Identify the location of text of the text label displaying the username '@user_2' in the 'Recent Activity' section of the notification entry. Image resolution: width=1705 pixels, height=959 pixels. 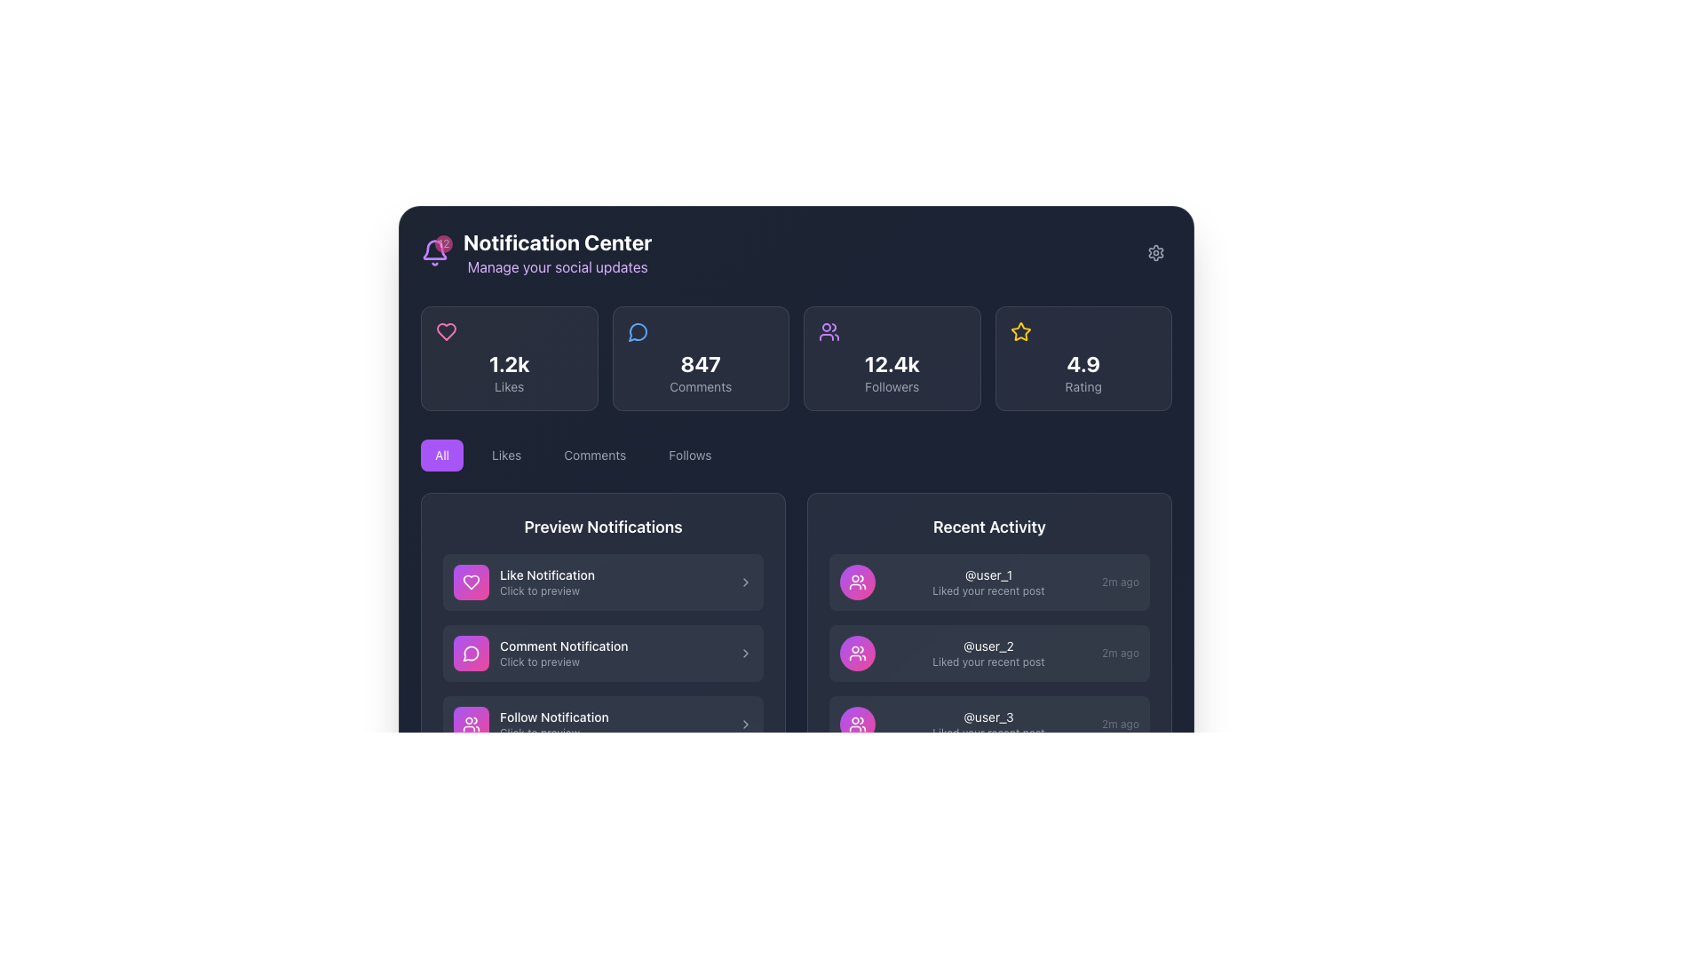
(987, 646).